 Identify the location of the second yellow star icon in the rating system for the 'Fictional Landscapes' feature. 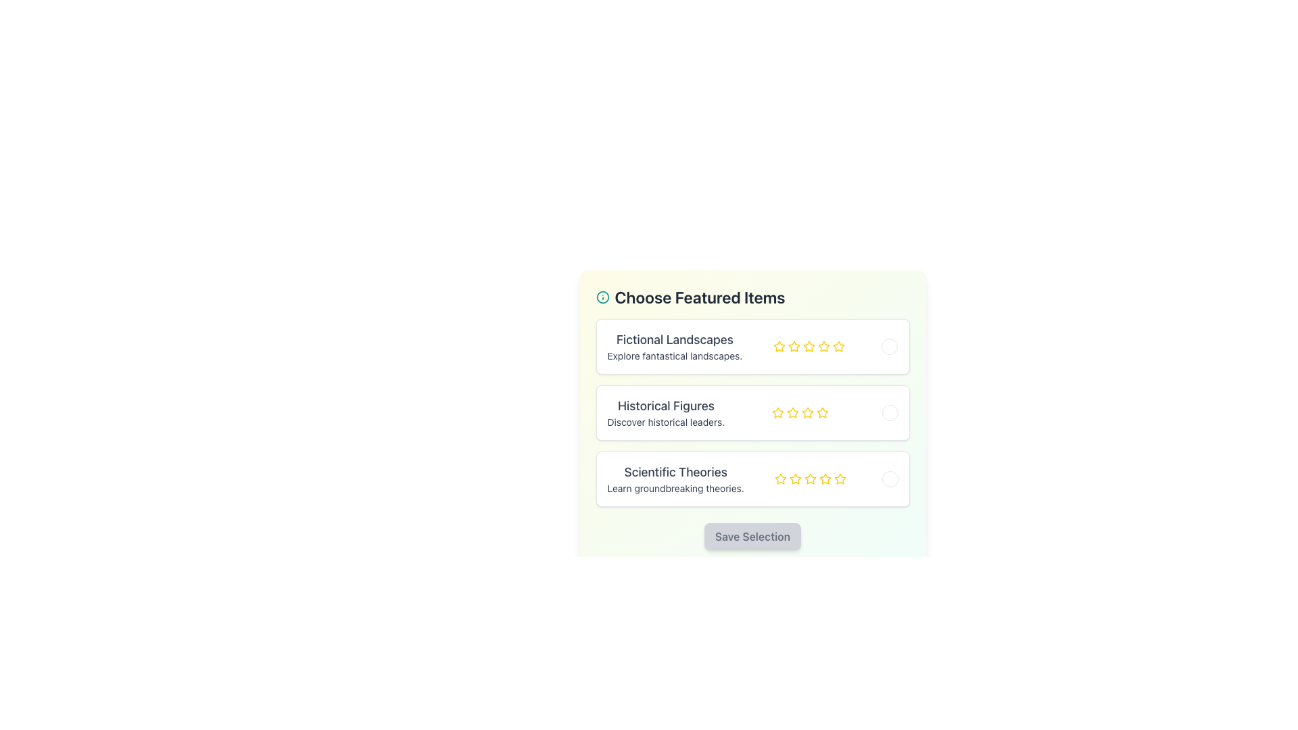
(794, 346).